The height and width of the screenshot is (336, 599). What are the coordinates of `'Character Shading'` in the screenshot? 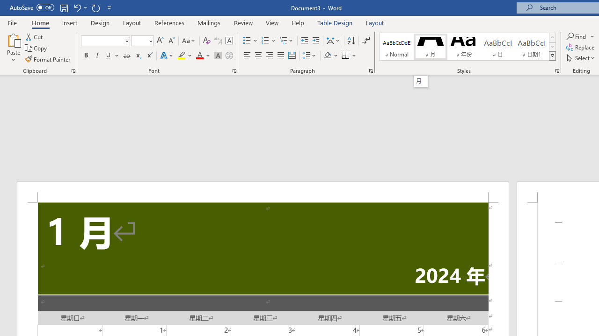 It's located at (217, 56).